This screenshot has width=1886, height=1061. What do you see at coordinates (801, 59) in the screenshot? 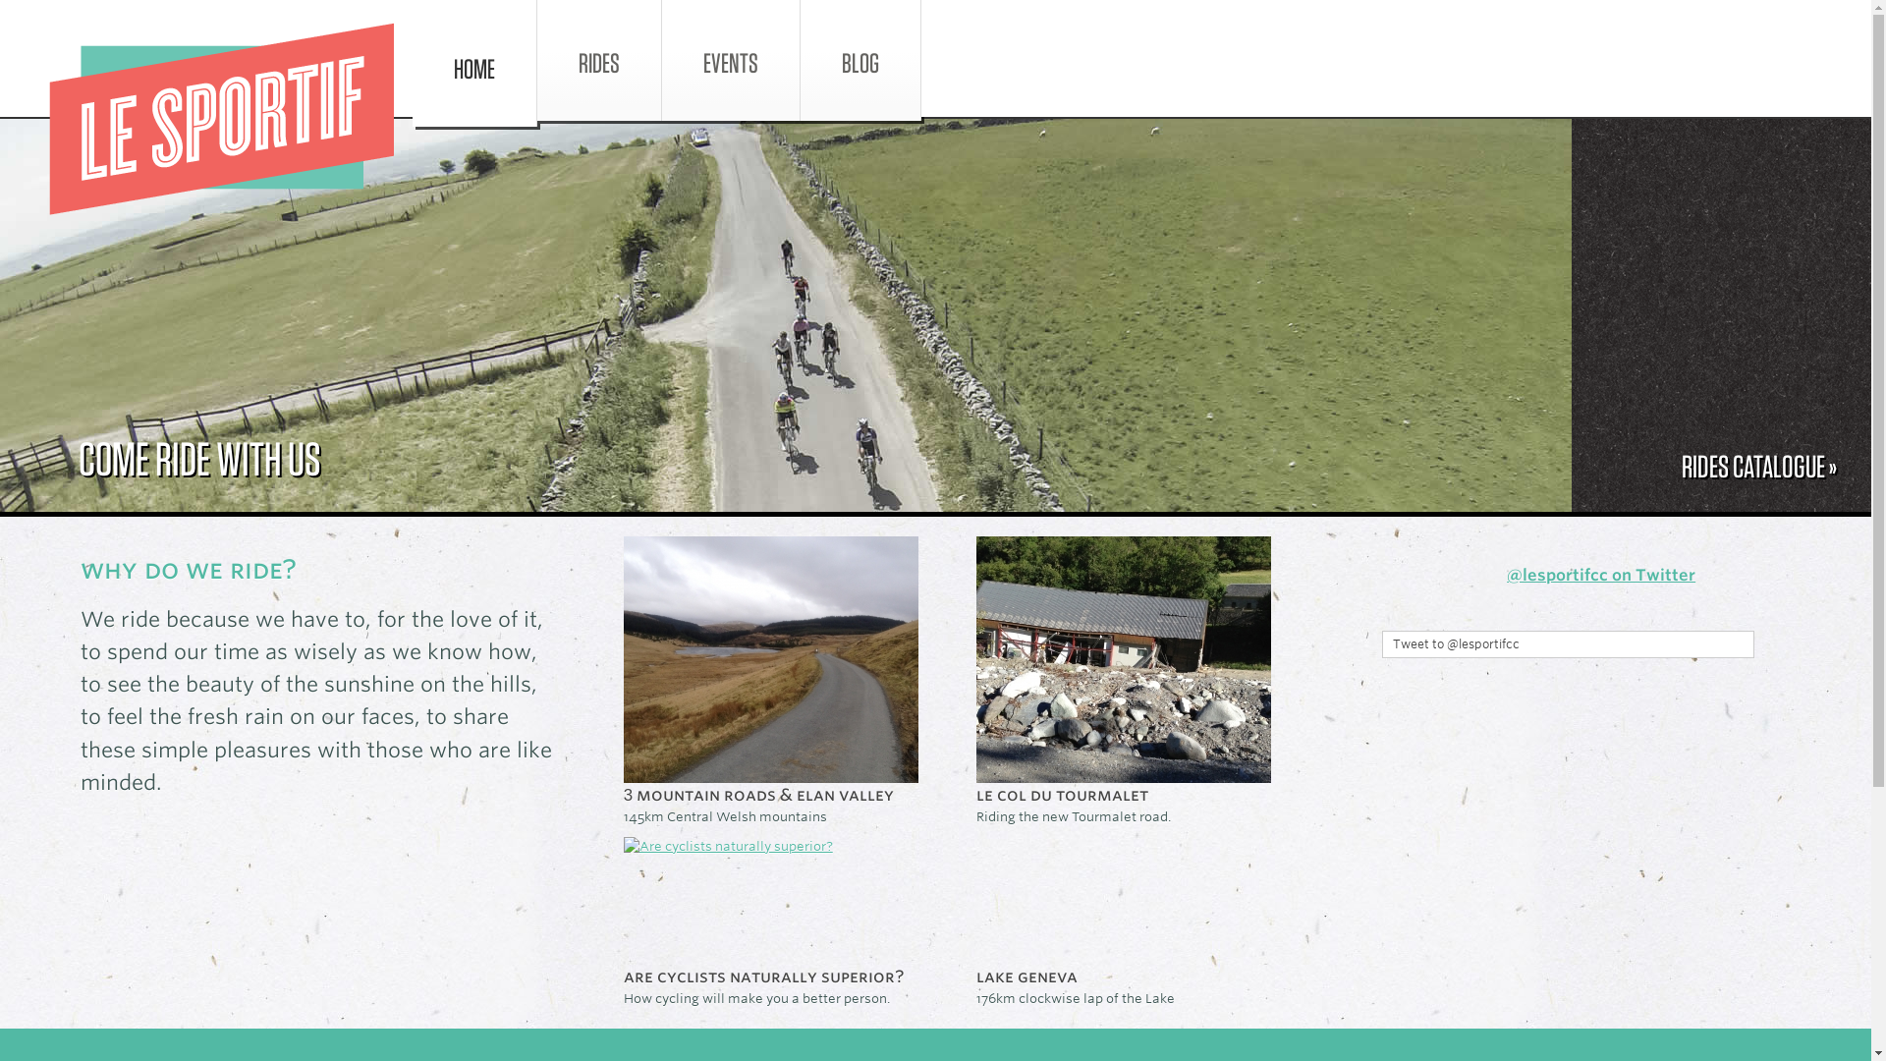
I see `'BLOG'` at bounding box center [801, 59].